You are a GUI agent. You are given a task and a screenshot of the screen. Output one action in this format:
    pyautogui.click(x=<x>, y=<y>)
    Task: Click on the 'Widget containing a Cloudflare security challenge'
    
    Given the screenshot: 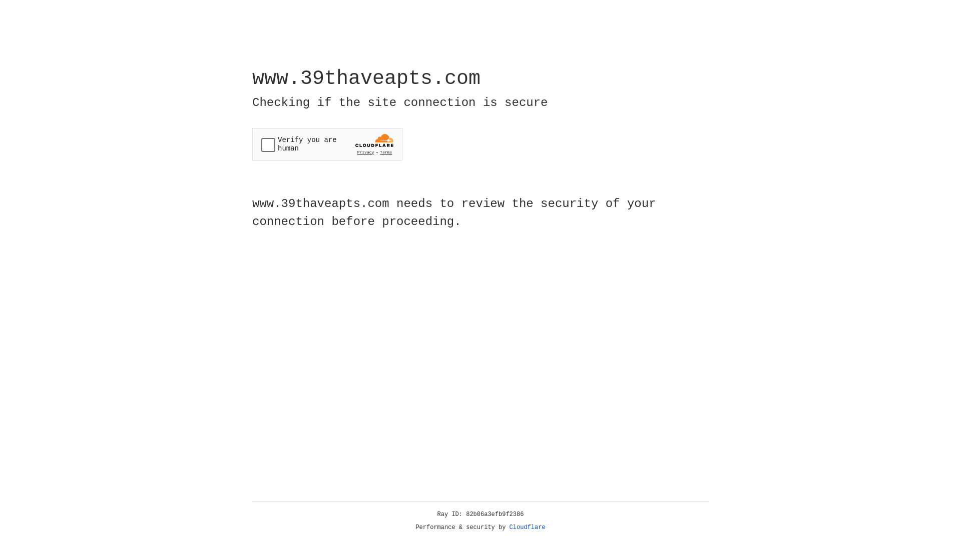 What is the action you would take?
    pyautogui.click(x=327, y=144)
    